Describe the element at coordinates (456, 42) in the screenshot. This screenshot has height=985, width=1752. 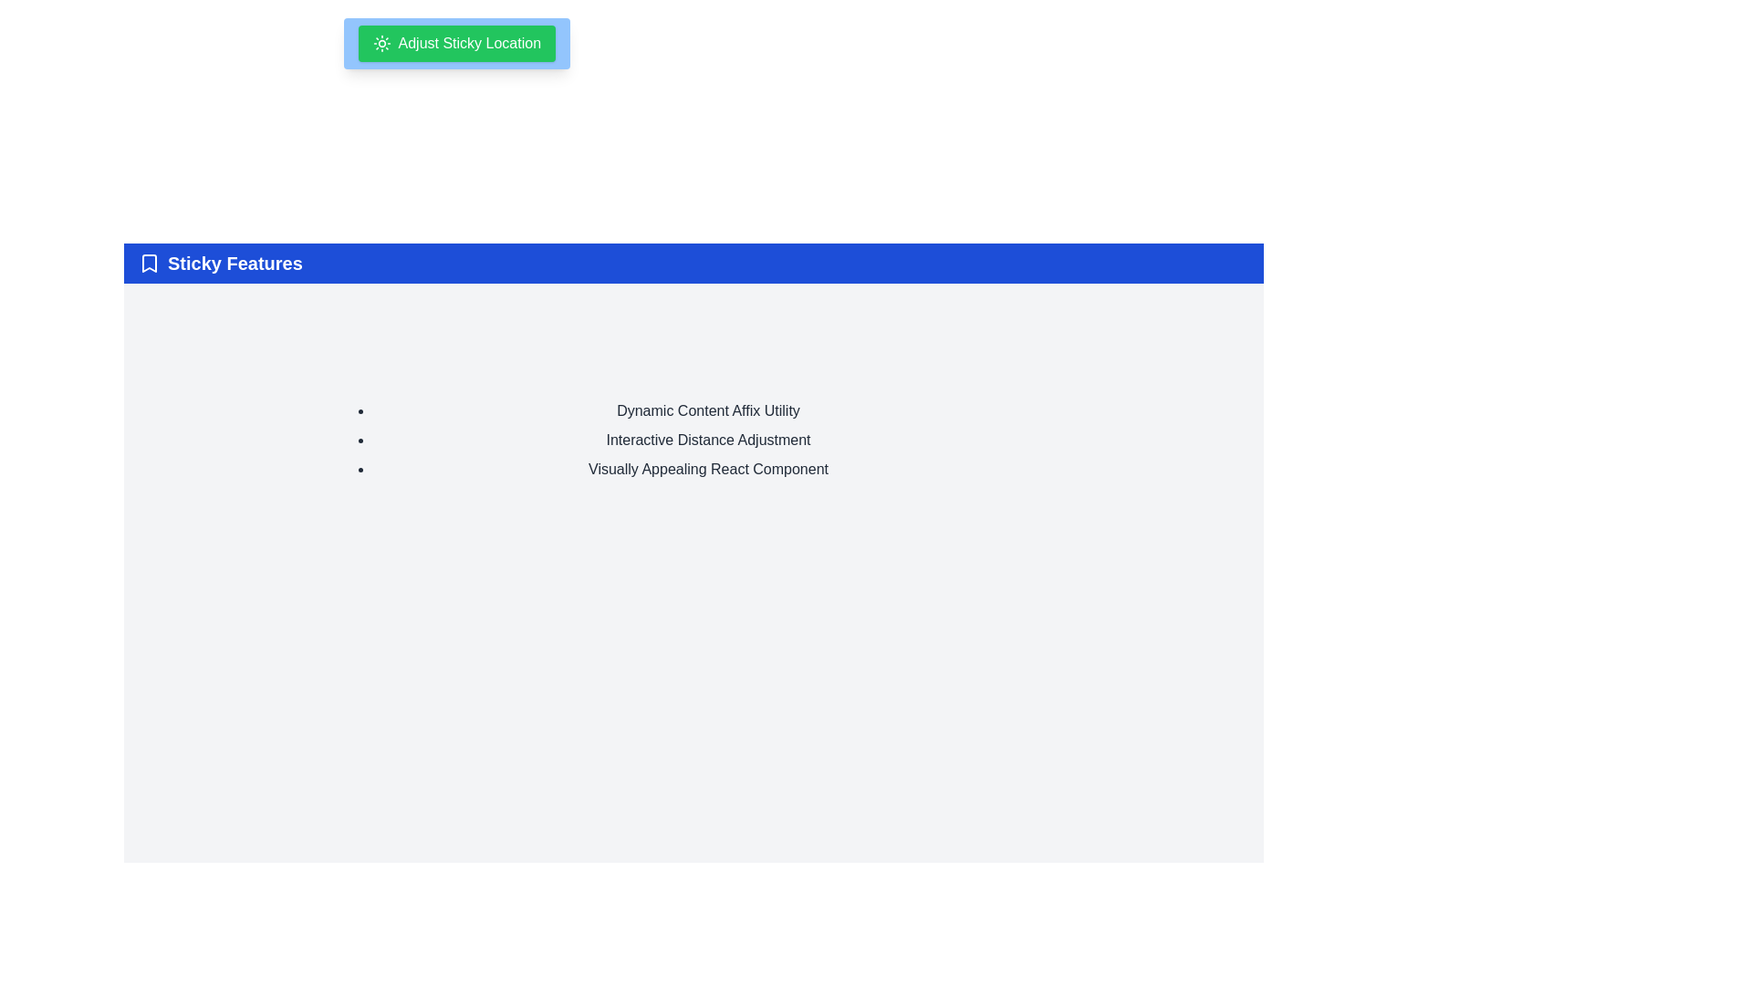
I see `the 'Adjust Sticky Location' button, which has a green background, white text, and a sun icon` at that location.